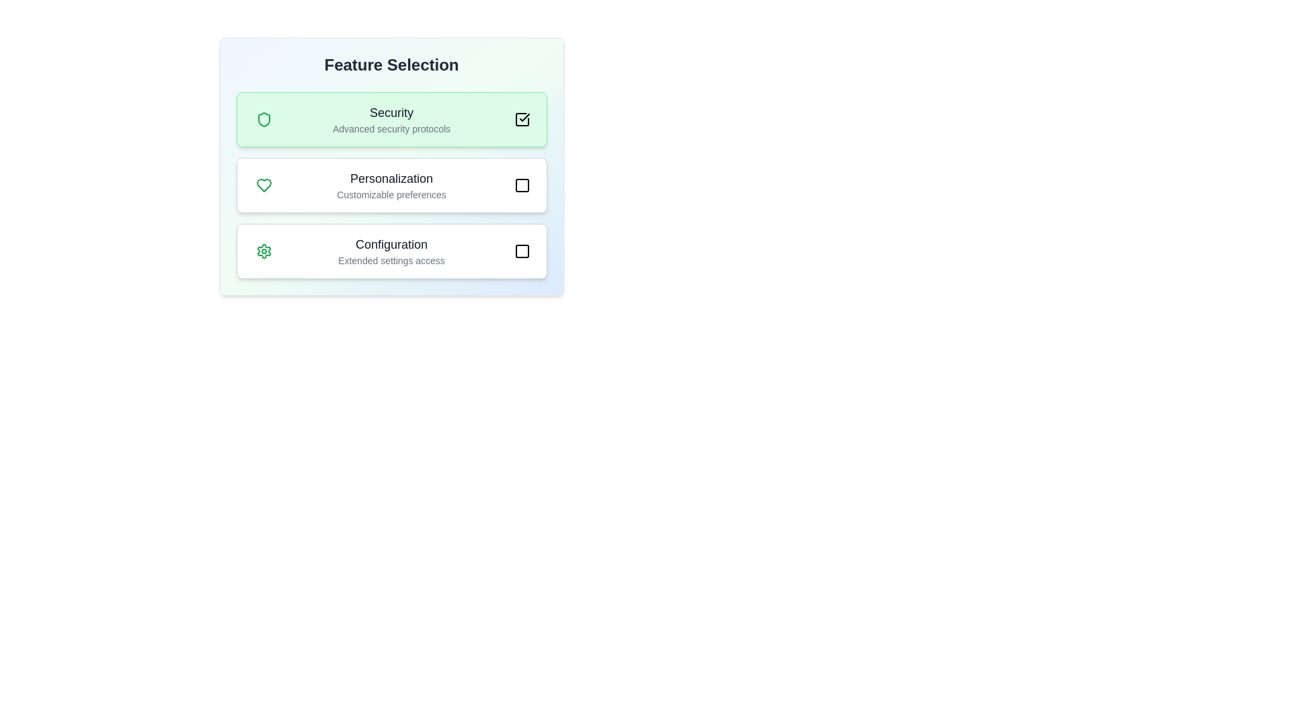  What do you see at coordinates (521, 251) in the screenshot?
I see `the unselected checkbox located in the bottom-right corner of the Configuration selection panel` at bounding box center [521, 251].